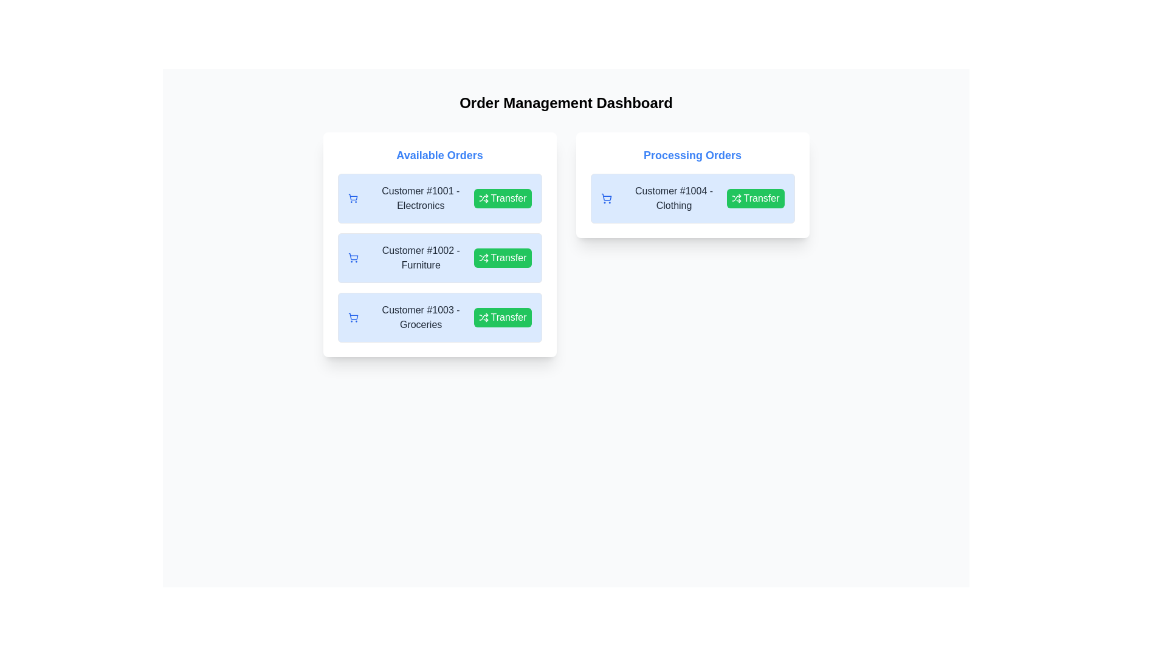 Image resolution: width=1167 pixels, height=656 pixels. What do you see at coordinates (421, 257) in the screenshot?
I see `the text label that identifies and describes the order for 'Customer #1002' in the 'Available Orders' section, located centrally between the shopping cart icon and the 'Transfer' button` at bounding box center [421, 257].